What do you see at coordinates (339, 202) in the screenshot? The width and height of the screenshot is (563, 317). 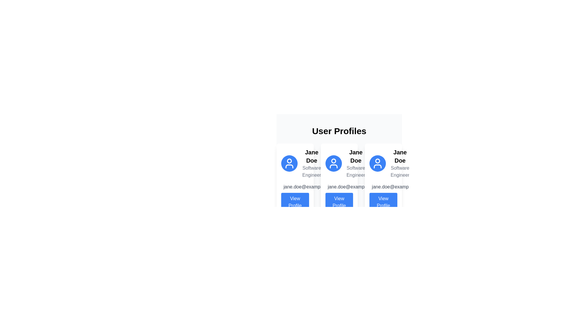 I see `the button located at the bottom of Jane Doe's profile card` at bounding box center [339, 202].